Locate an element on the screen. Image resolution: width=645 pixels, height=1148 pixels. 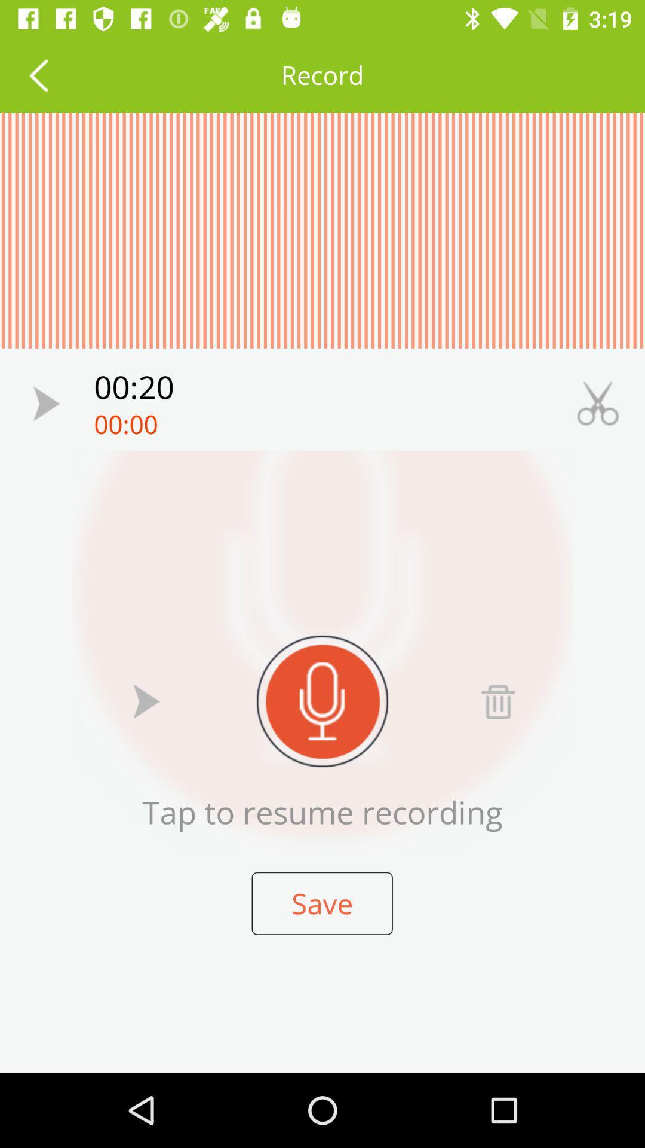
the close icon is located at coordinates (598, 404).